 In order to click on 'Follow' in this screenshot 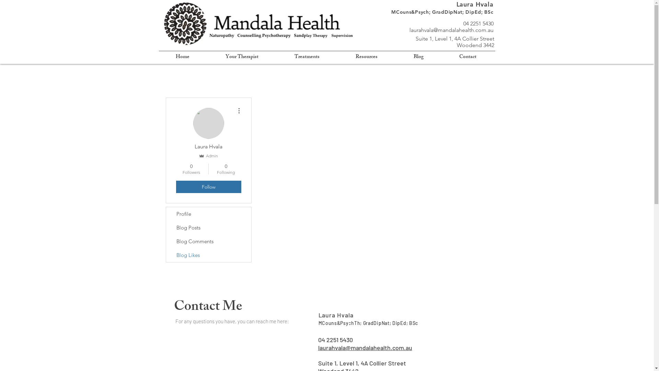, I will do `click(208, 187)`.